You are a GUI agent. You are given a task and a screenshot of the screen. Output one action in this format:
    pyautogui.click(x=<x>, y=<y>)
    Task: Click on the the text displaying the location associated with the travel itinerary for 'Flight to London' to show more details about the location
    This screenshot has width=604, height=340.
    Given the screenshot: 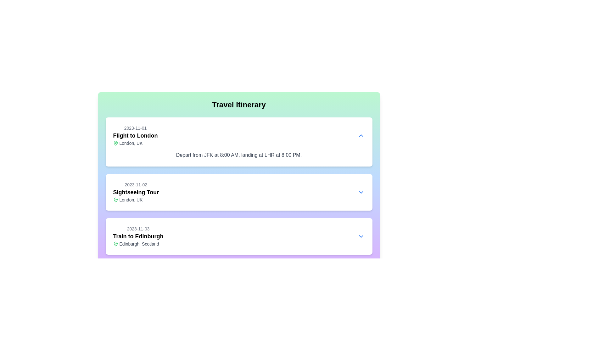 What is the action you would take?
    pyautogui.click(x=135, y=143)
    